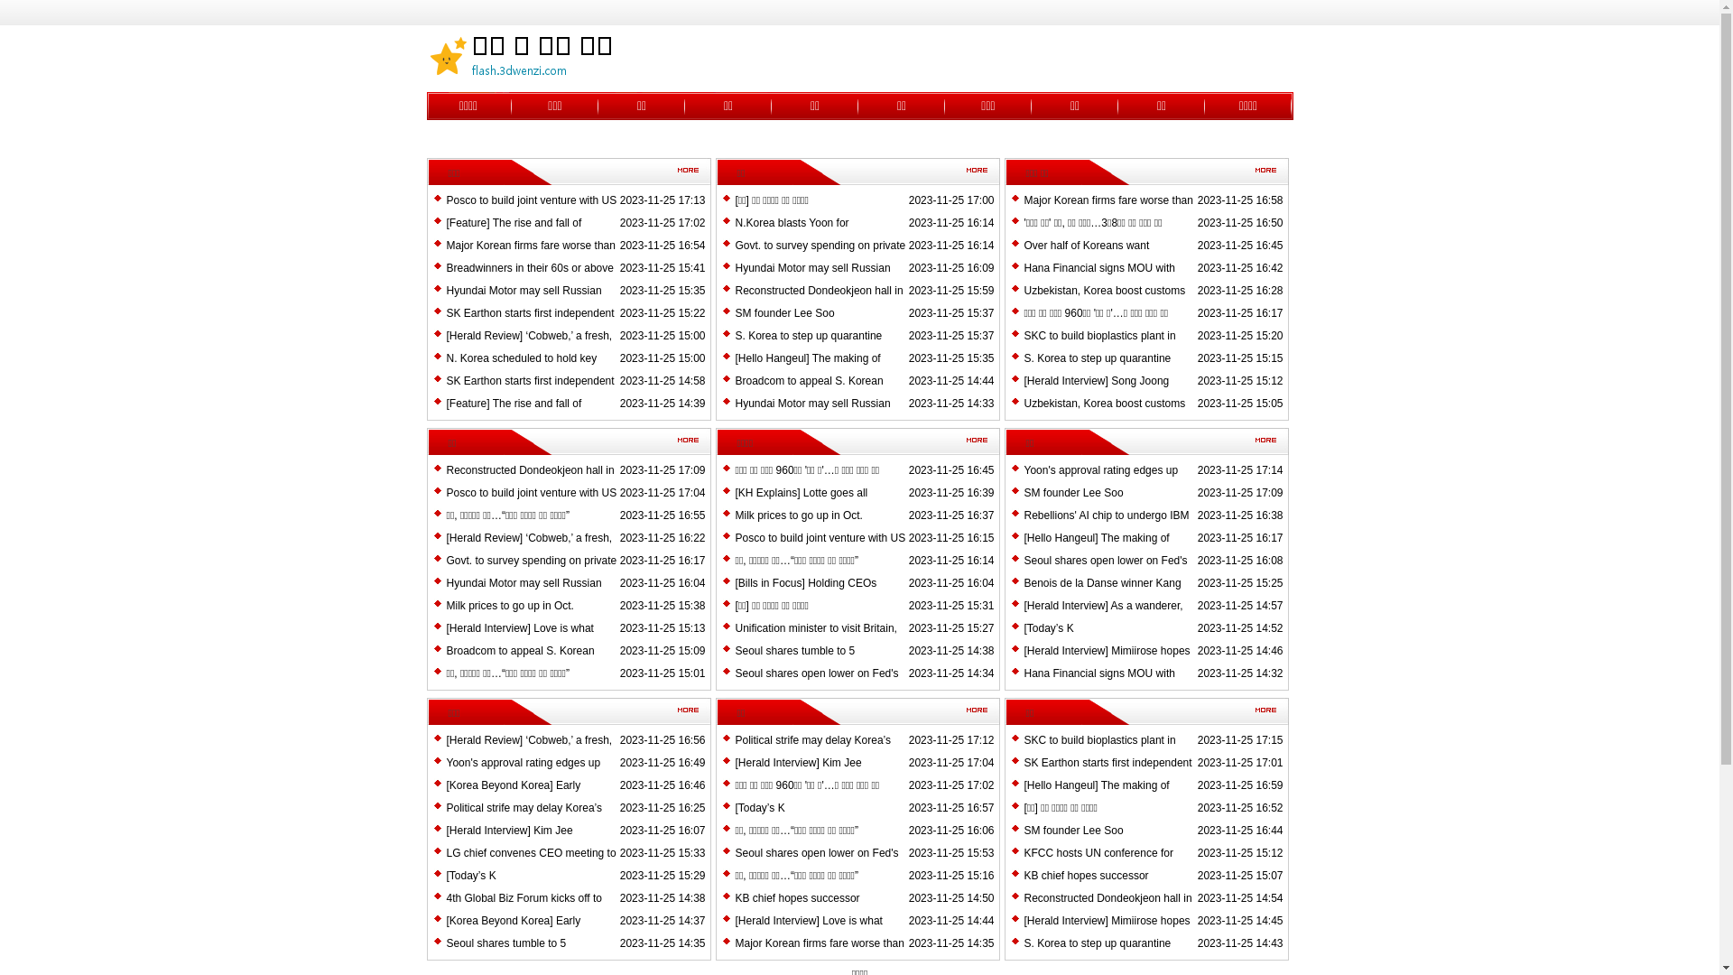 The width and height of the screenshot is (1733, 975). What do you see at coordinates (518, 638) in the screenshot?
I see `'[Herald Interview] Love is what defines artist Dawn'` at bounding box center [518, 638].